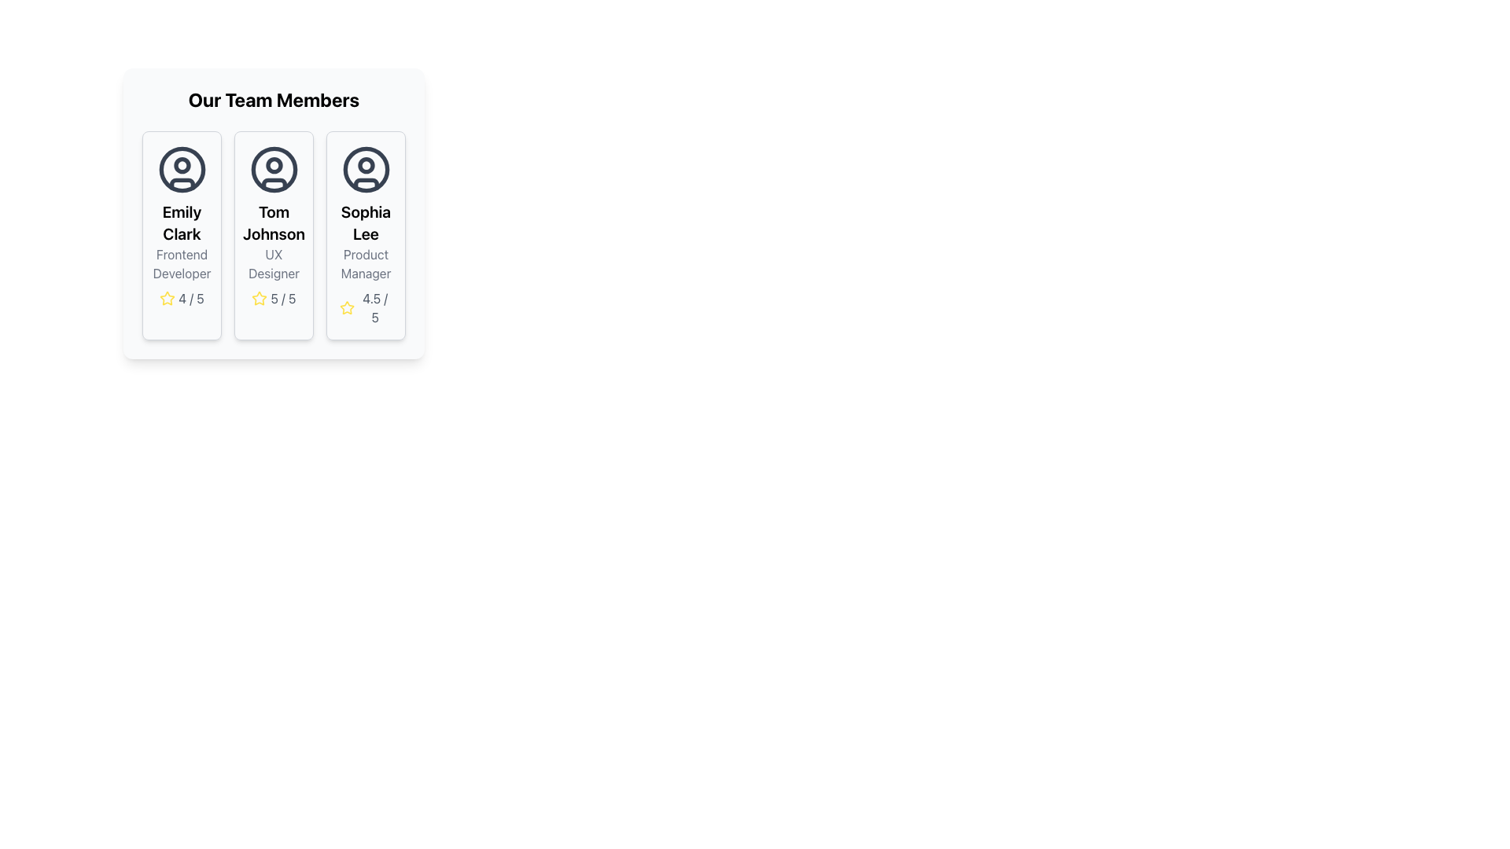 The height and width of the screenshot is (849, 1510). I want to click on the circular user icon representing 'Sophia Lee' located prominently in the middle of her profile card, which is the third card from the left, so click(365, 170).